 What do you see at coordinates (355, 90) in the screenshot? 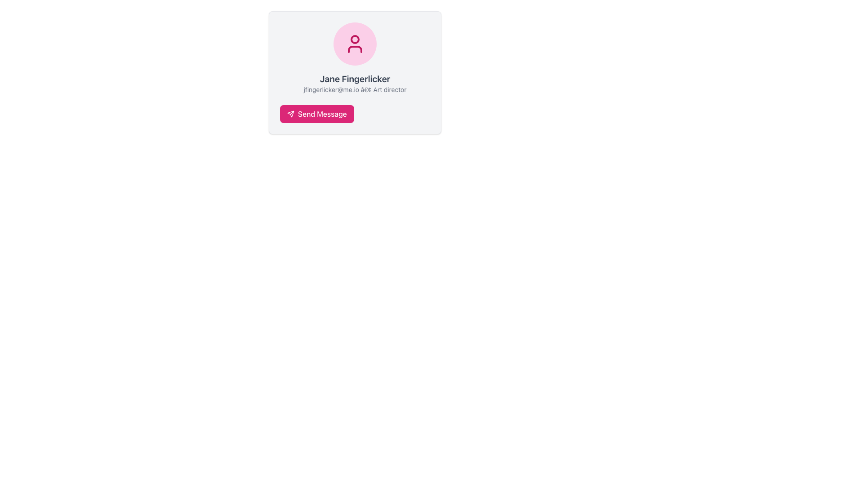
I see `the text label displaying 'jfingerlicker@me.io • Art director', which is located below 'Jane Fingerlicker' and above the 'Send Message' button` at bounding box center [355, 90].